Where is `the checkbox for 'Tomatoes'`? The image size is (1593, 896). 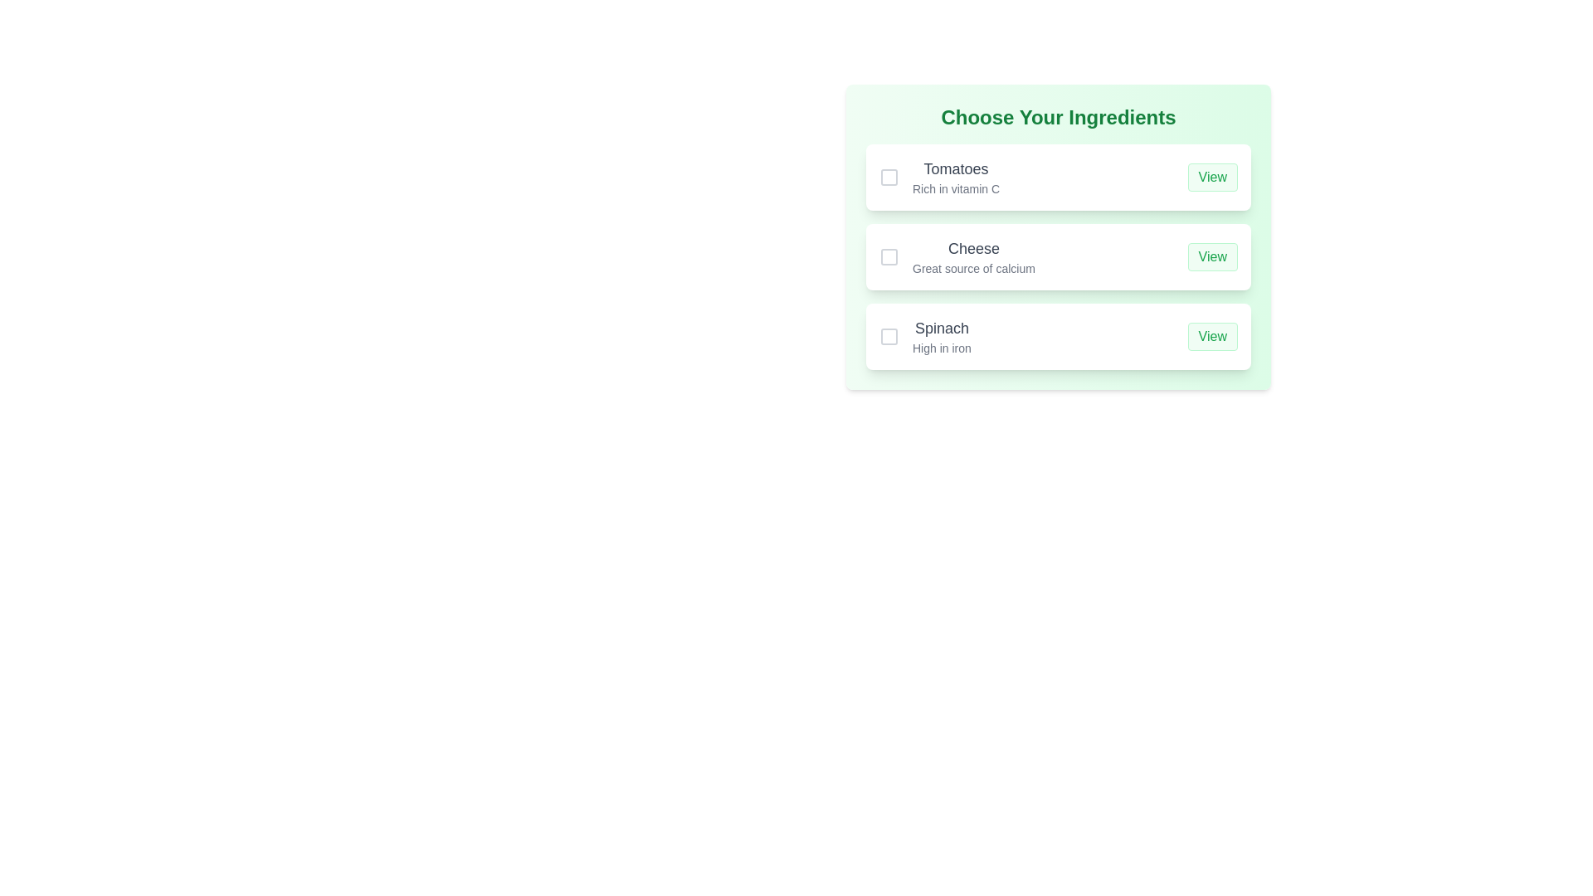 the checkbox for 'Tomatoes' is located at coordinates (888, 177).